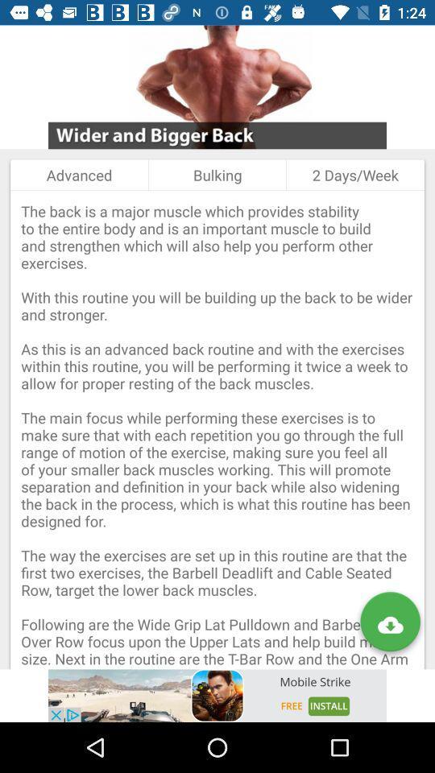  Describe the element at coordinates (355, 175) in the screenshot. I see `icon above the the back is` at that location.